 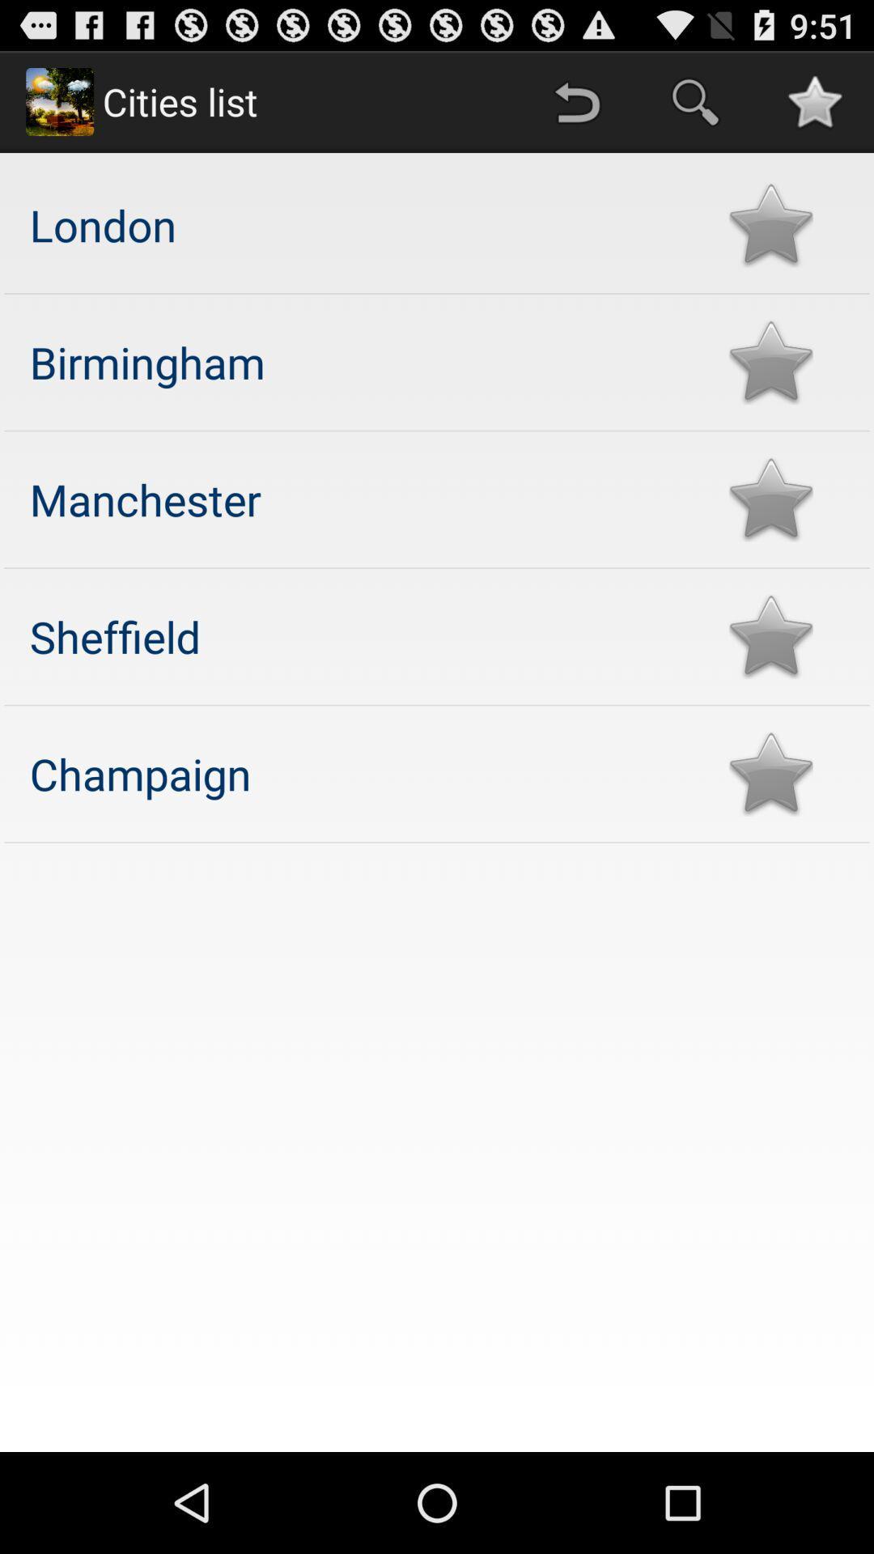 What do you see at coordinates (770, 635) in the screenshot?
I see `to favorites` at bounding box center [770, 635].